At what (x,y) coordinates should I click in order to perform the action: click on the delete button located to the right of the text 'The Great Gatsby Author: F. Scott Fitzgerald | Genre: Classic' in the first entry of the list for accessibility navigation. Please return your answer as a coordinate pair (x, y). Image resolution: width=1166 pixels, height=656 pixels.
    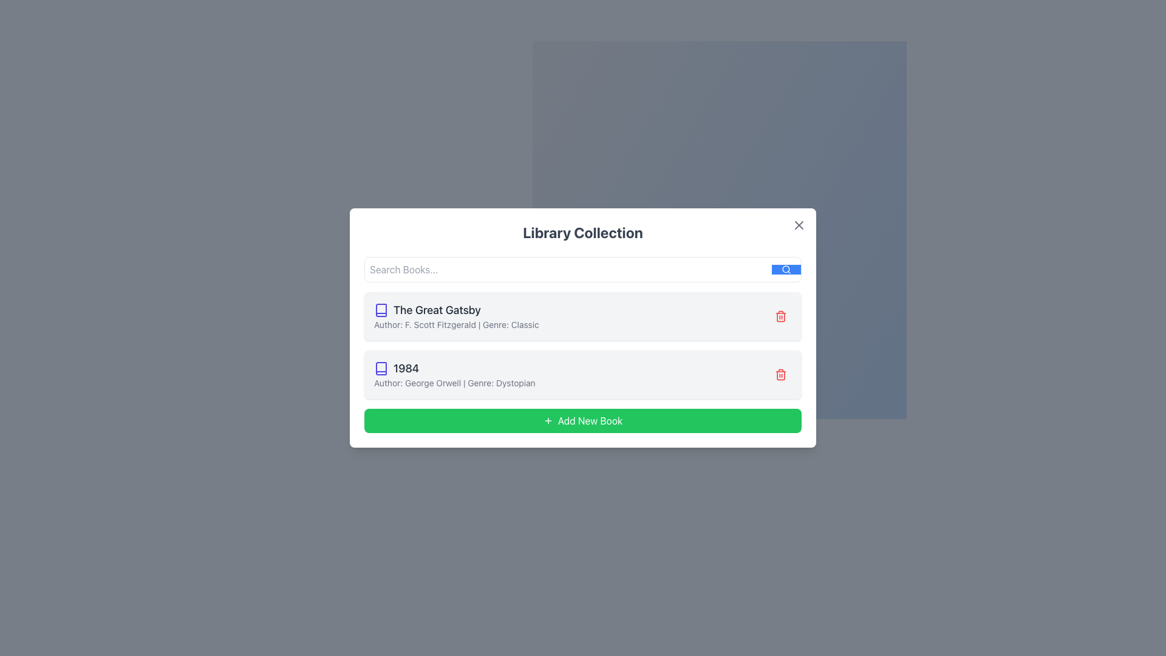
    Looking at the image, I should click on (781, 315).